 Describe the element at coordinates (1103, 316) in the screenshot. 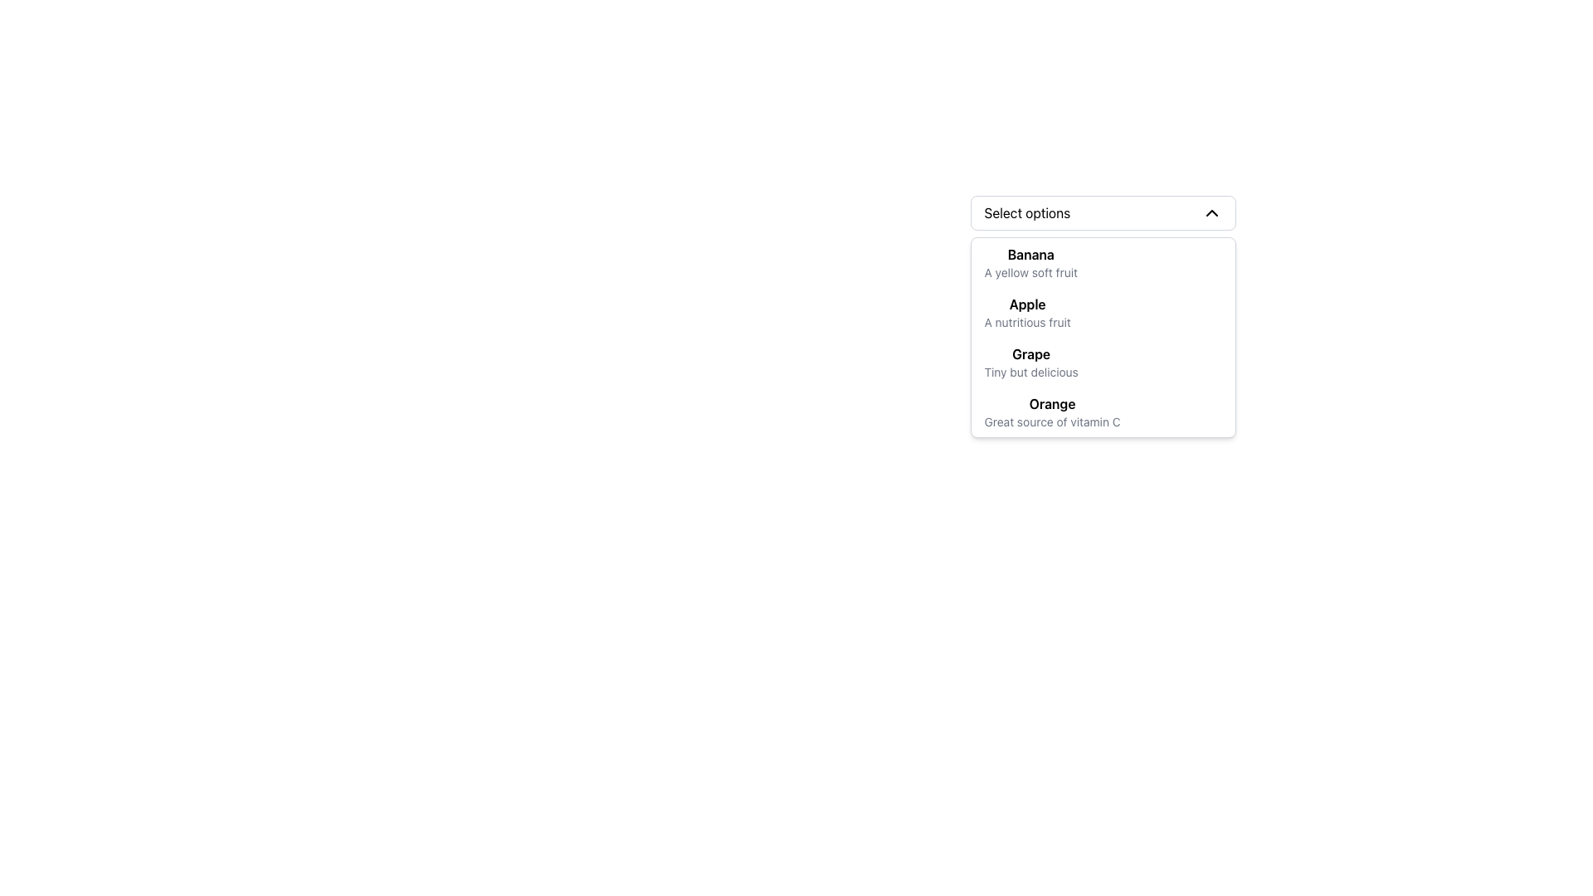

I see `the dropdown menu option labeled 'Apple'` at that location.